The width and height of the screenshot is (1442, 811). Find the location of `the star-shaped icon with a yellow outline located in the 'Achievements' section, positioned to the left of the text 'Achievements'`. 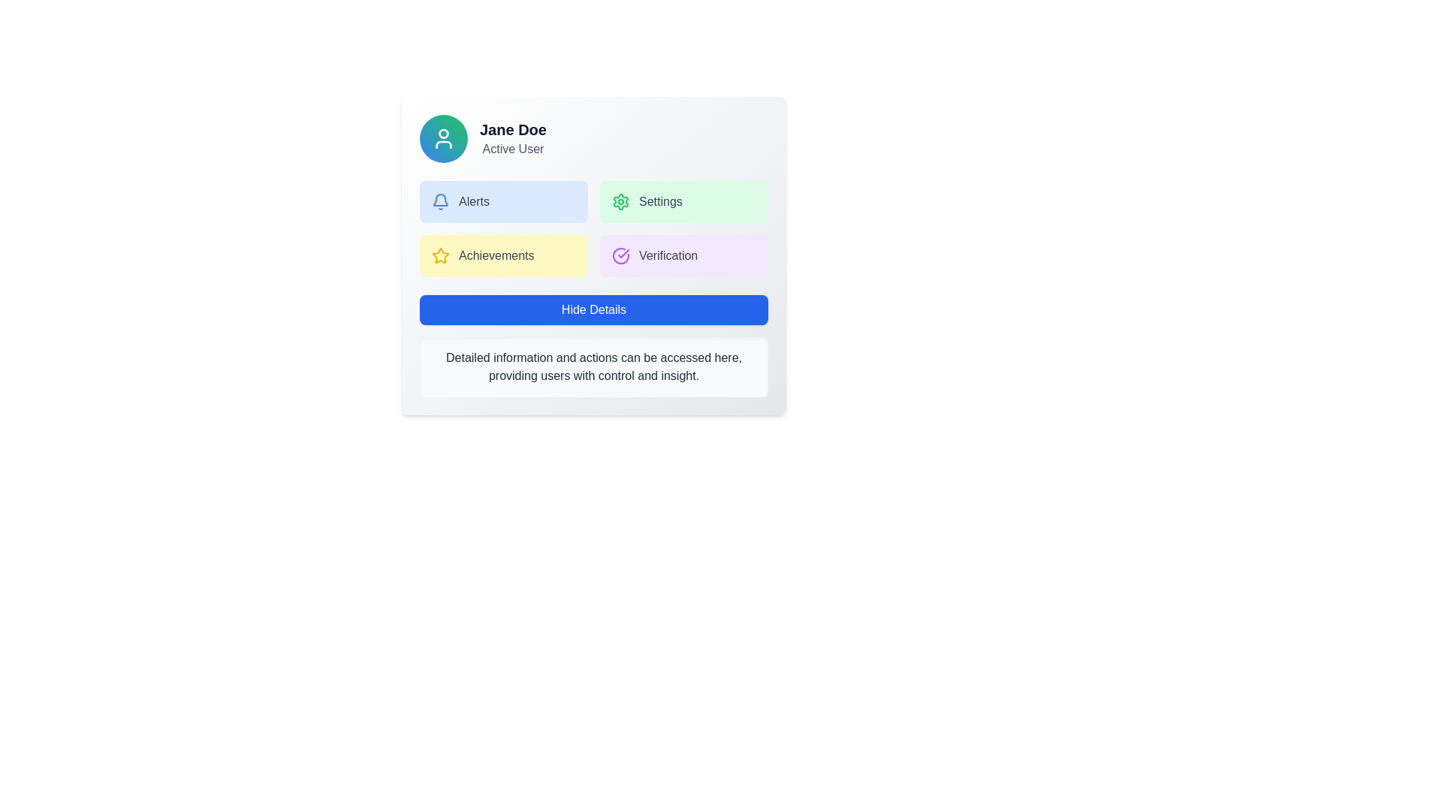

the star-shaped icon with a yellow outline located in the 'Achievements' section, positioned to the left of the text 'Achievements' is located at coordinates (439, 255).